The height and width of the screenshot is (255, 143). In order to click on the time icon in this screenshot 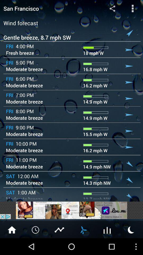, I will do `click(36, 246)`.